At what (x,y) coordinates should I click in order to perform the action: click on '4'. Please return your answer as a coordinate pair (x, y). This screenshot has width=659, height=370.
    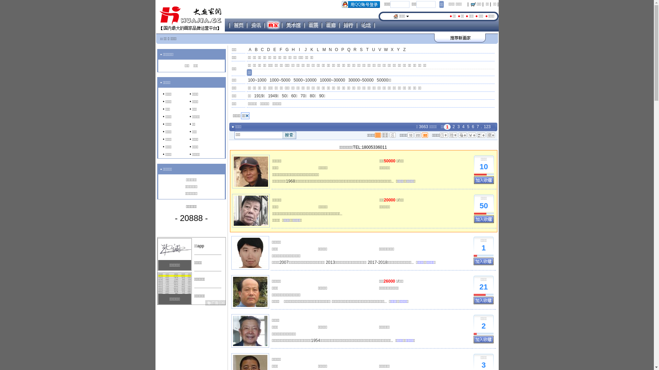
    Looking at the image, I should click on (463, 127).